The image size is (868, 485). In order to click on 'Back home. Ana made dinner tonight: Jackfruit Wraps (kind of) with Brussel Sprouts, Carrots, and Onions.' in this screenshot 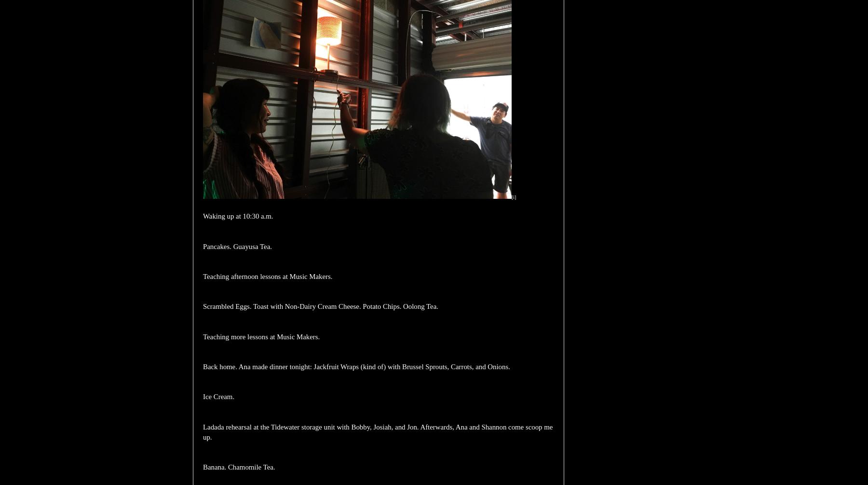, I will do `click(356, 366)`.